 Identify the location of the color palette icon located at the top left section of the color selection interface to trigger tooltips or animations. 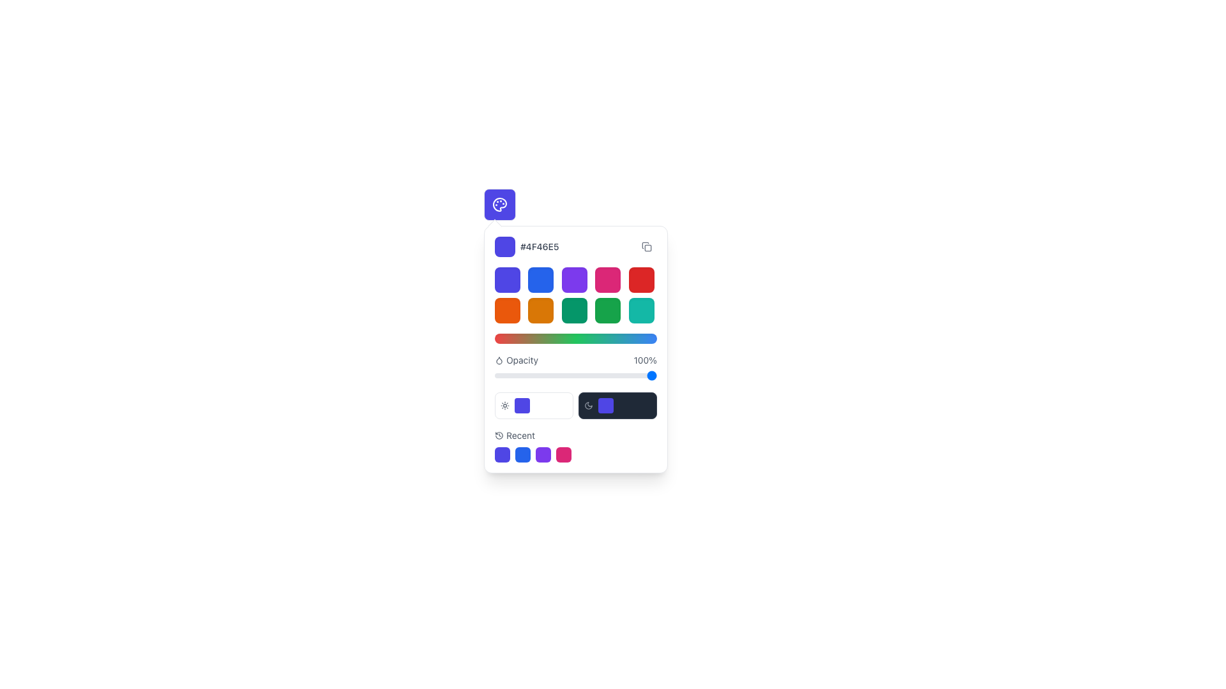
(499, 204).